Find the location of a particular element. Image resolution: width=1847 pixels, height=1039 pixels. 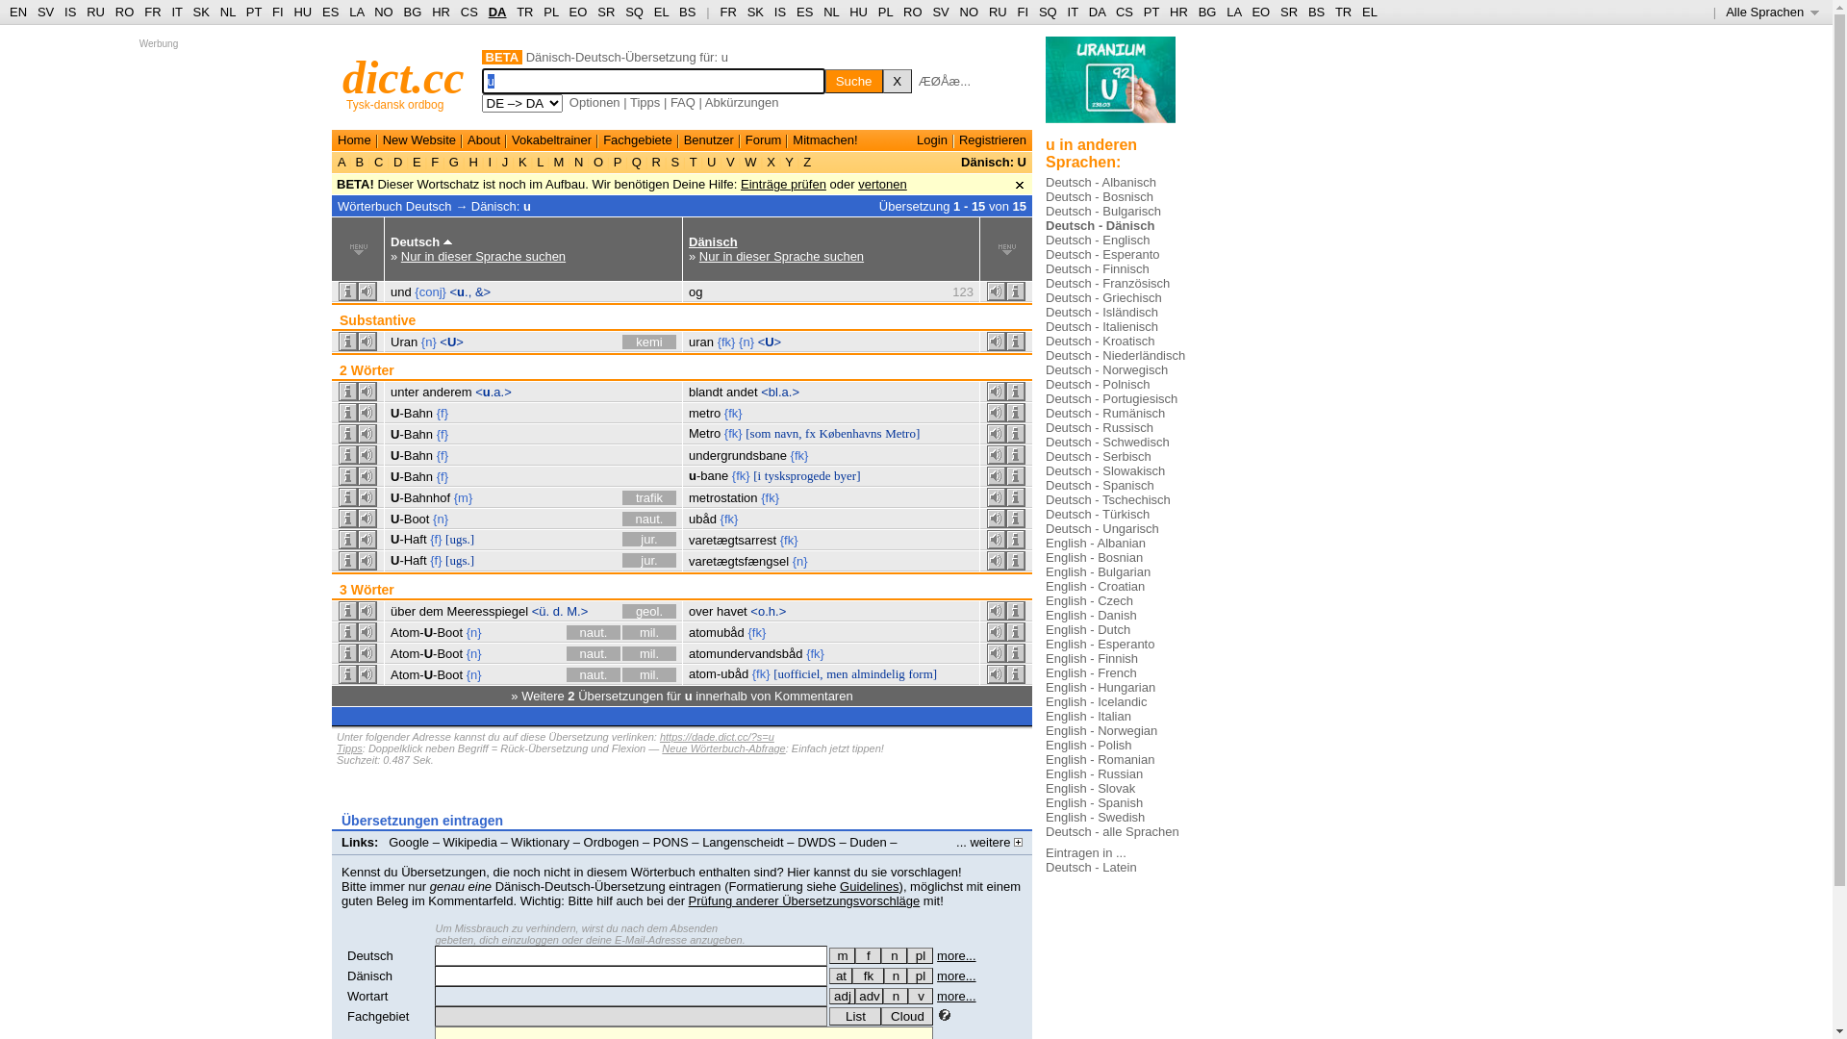

'Atom-U-Boot' is located at coordinates (425, 652).